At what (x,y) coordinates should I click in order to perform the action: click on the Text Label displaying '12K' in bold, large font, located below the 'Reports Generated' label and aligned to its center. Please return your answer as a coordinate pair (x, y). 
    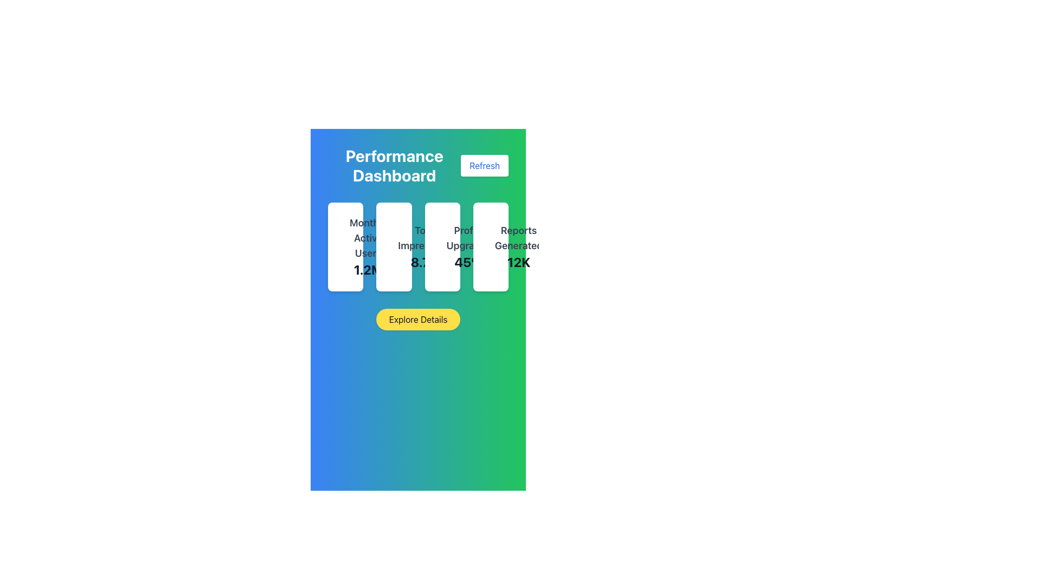
    Looking at the image, I should click on (518, 262).